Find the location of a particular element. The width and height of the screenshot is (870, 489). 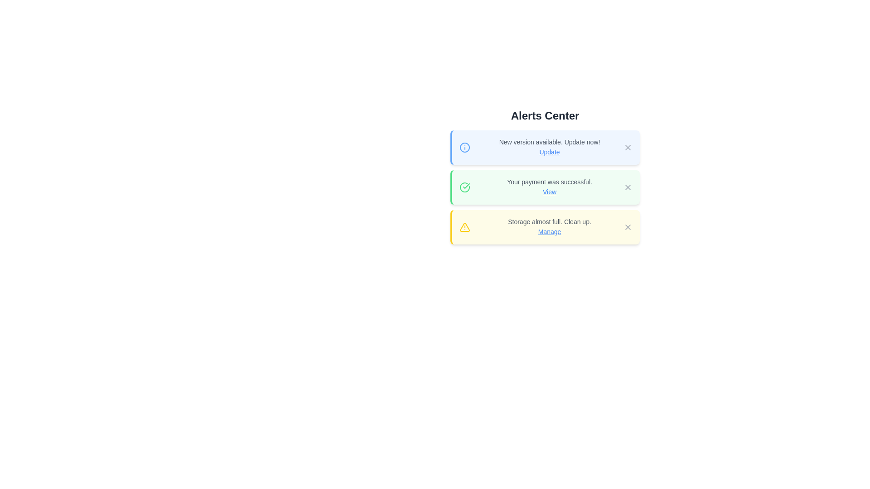

the blue, underlined text link labeled 'View' that appears next to the message 'Your payment was successful.' is located at coordinates (549, 192).